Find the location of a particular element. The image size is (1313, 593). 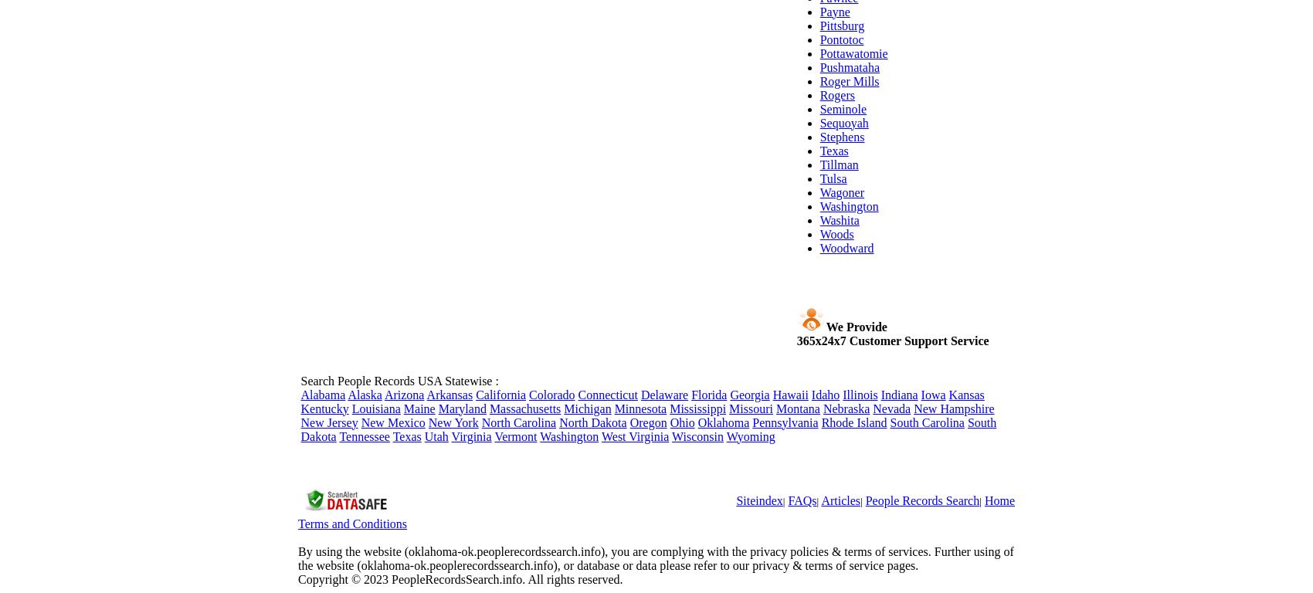

'Missouri' is located at coordinates (750, 407).